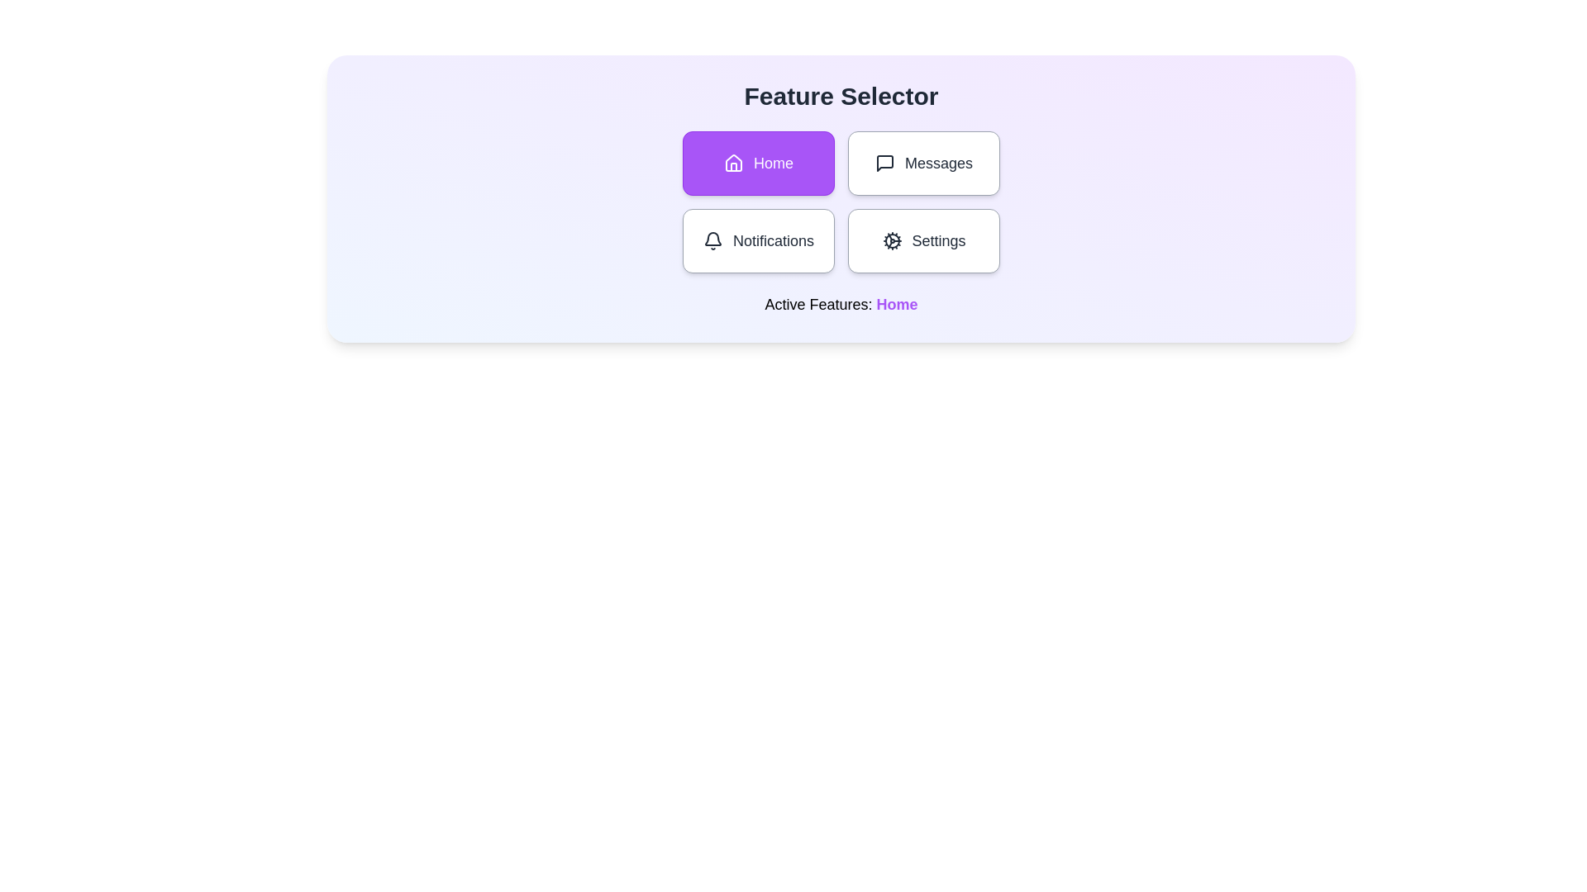 The image size is (1587, 892). Describe the element at coordinates (891, 241) in the screenshot. I see `the 'Settings' icon located in the fourth button of the grid at the bottom-right corner of the feature selector interface` at that location.